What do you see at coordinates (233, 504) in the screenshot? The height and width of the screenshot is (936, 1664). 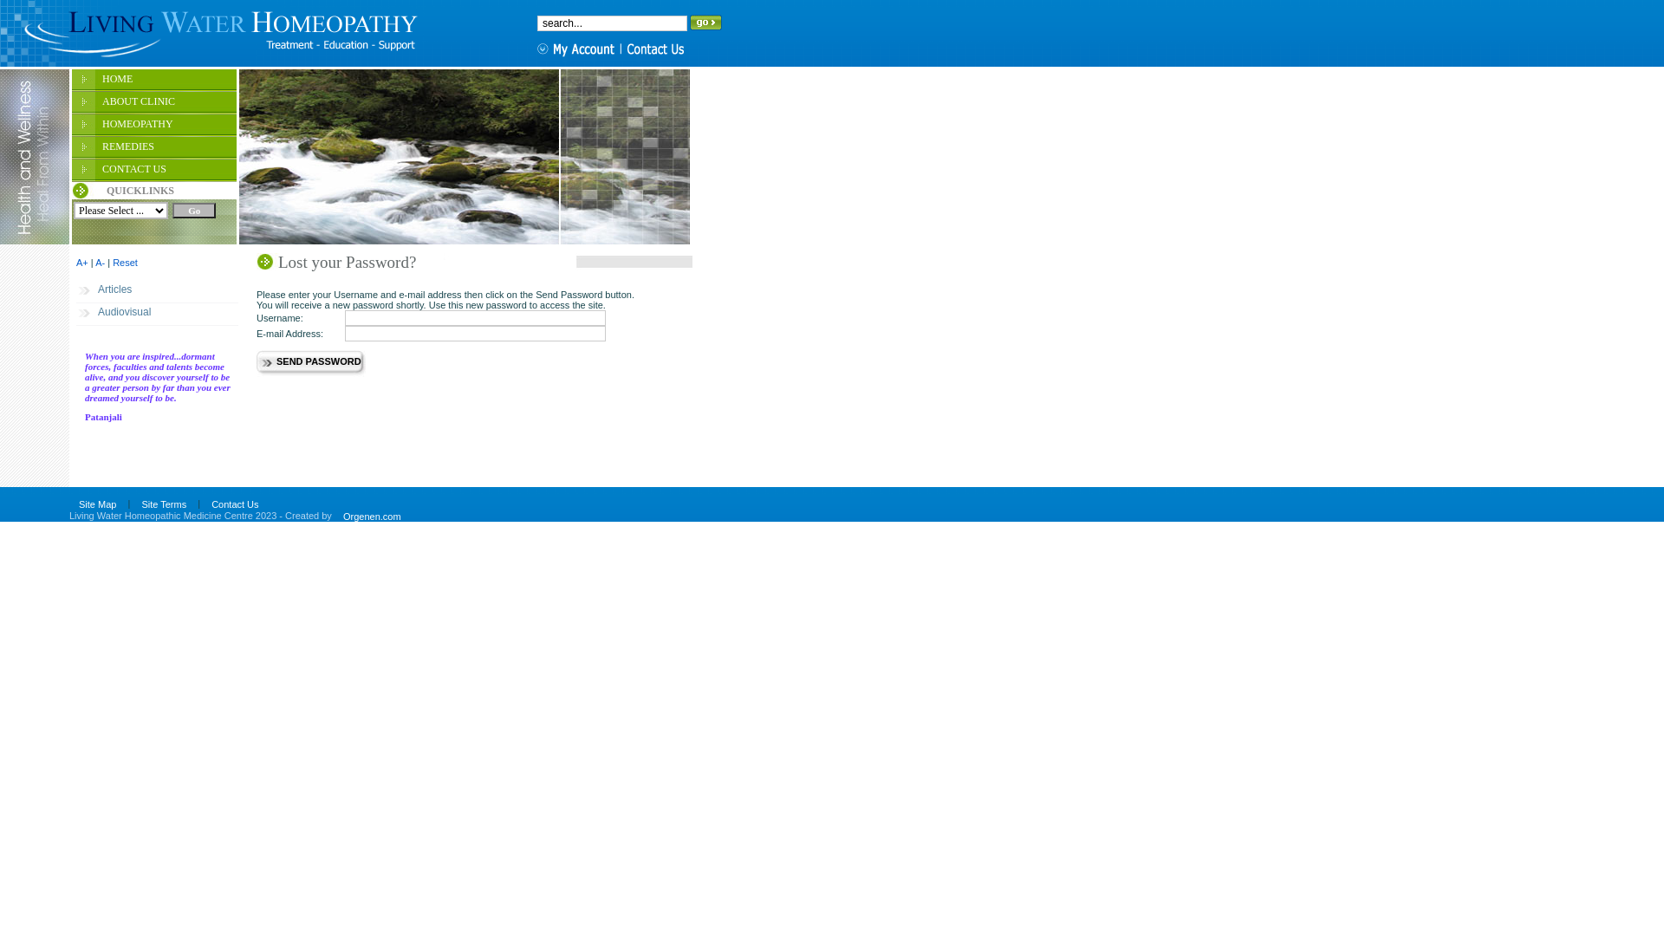 I see `'Contact Us'` at bounding box center [233, 504].